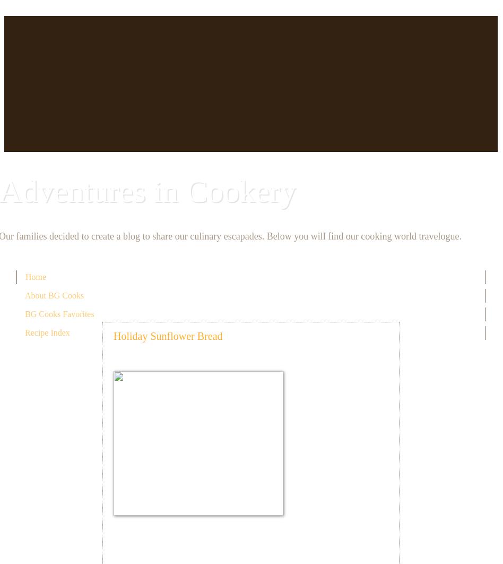 The image size is (503, 564). Describe the element at coordinates (112, 536) in the screenshot. I see `'2.5 tsp dry yeast'` at that location.